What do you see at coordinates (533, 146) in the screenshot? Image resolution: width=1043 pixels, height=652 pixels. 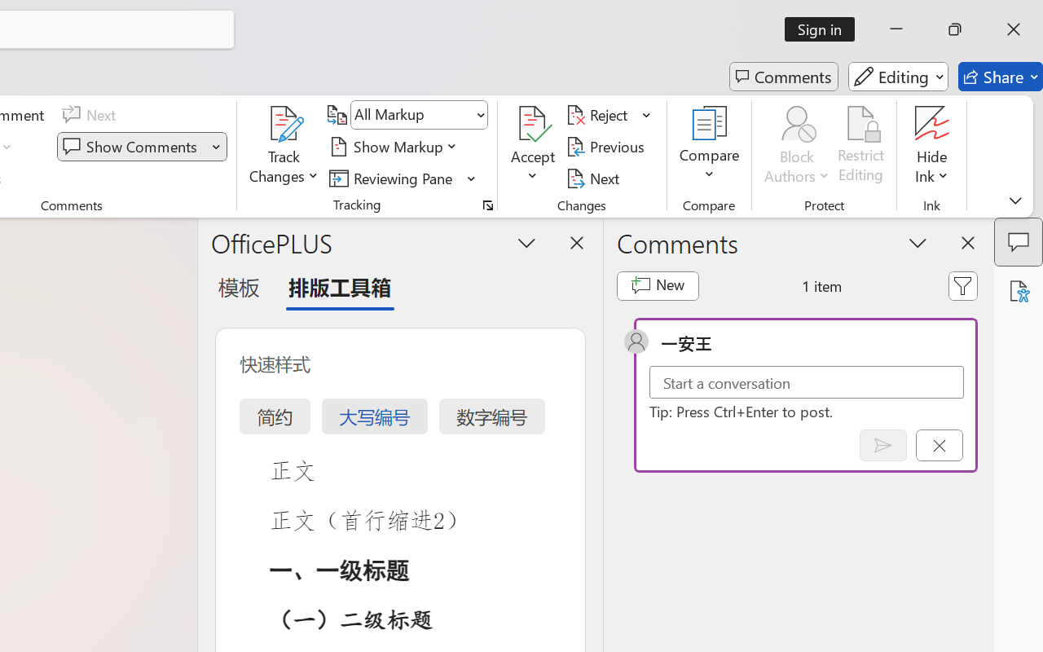 I see `'Accept'` at bounding box center [533, 146].